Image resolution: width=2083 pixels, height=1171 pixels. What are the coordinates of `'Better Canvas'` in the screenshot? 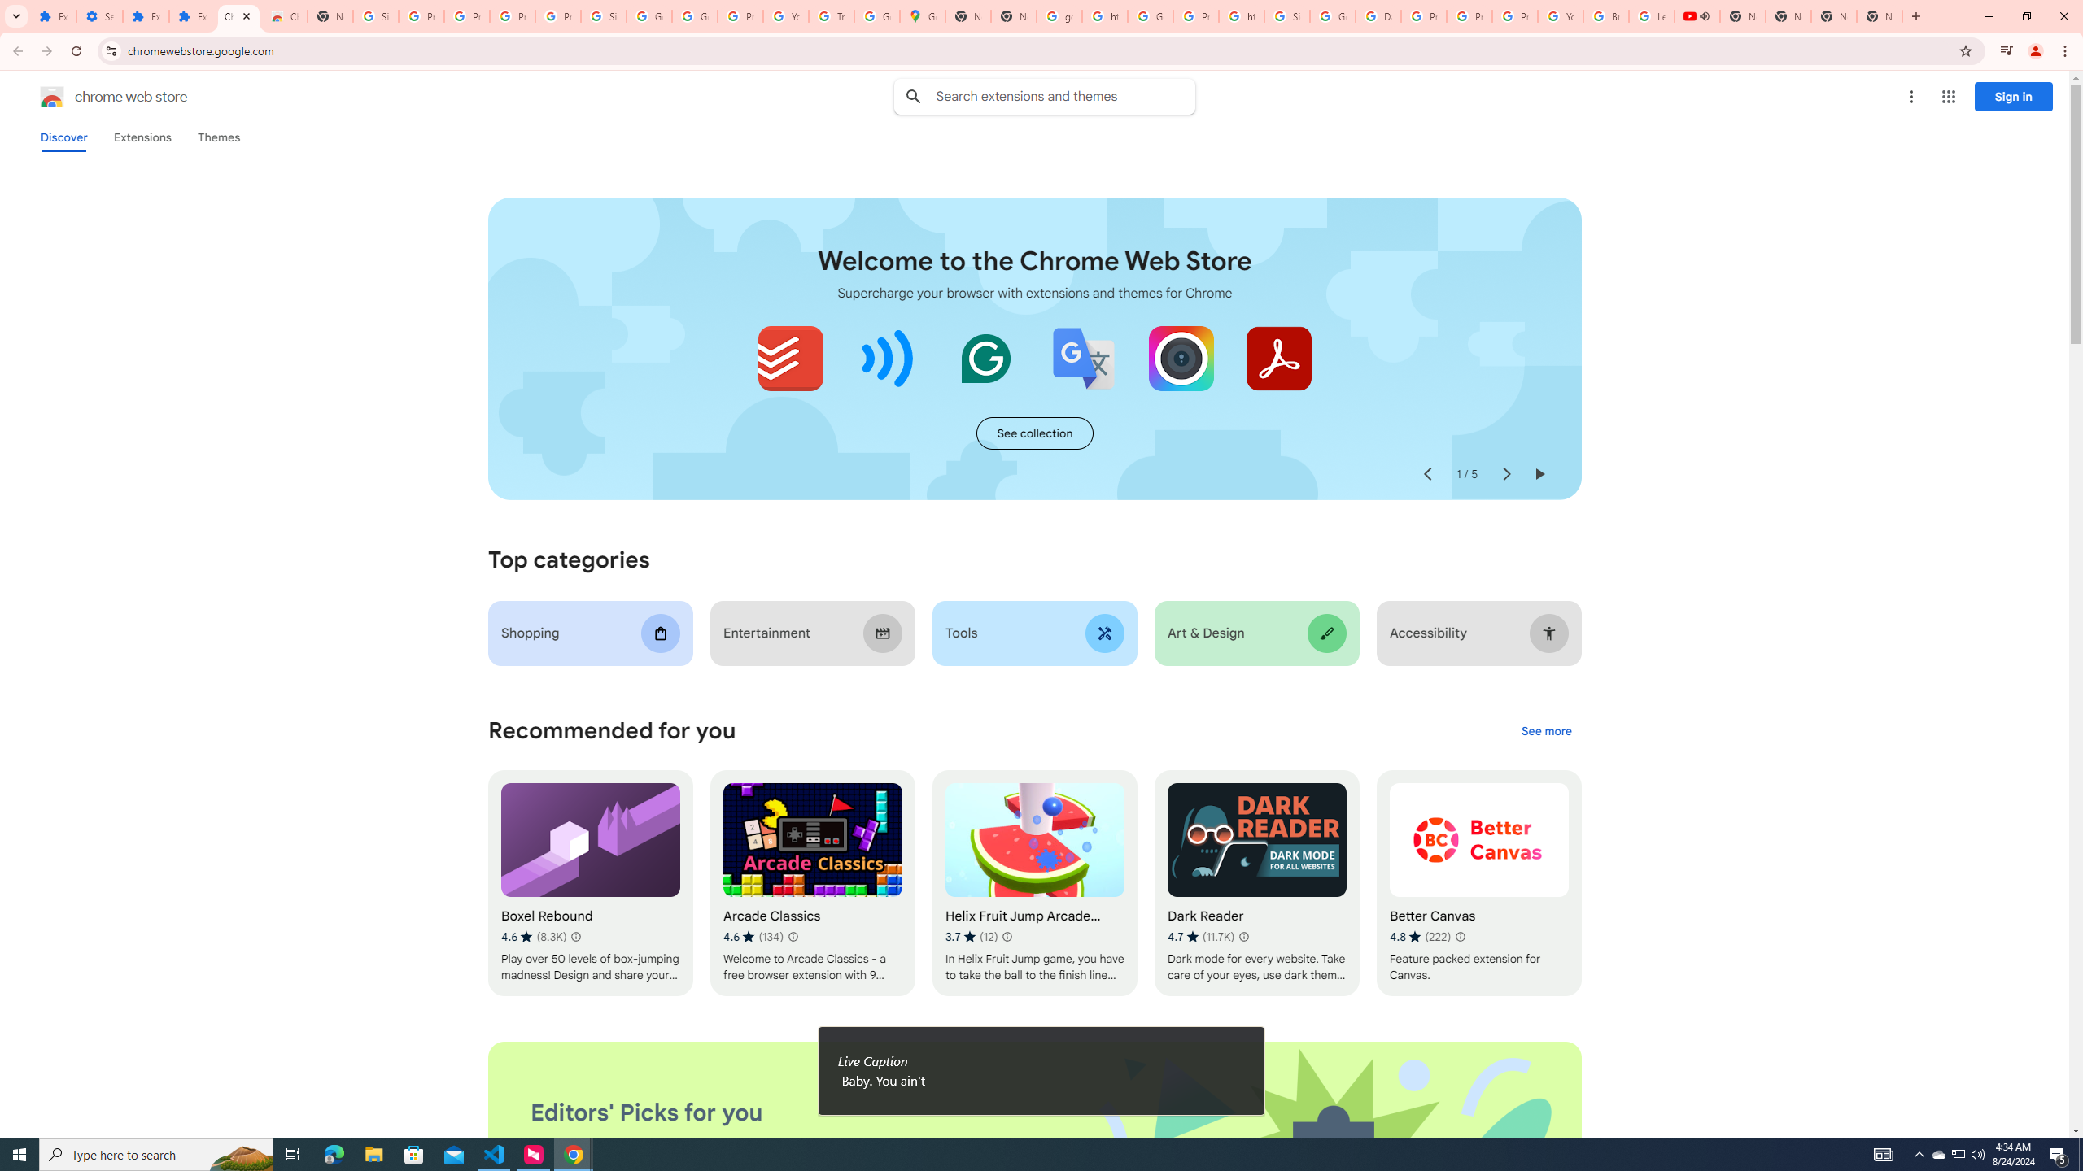 It's located at (1478, 882).